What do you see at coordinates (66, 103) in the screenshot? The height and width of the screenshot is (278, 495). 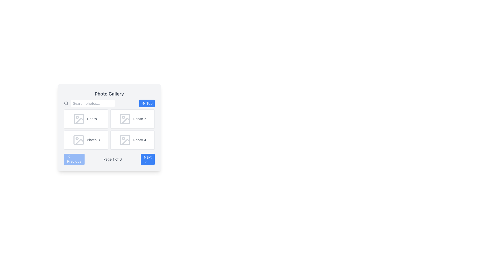 I see `the magnifying glass icon representing the search functionality, which is located at the leftmost position of the horizontal layout in the Photo Gallery interface` at bounding box center [66, 103].